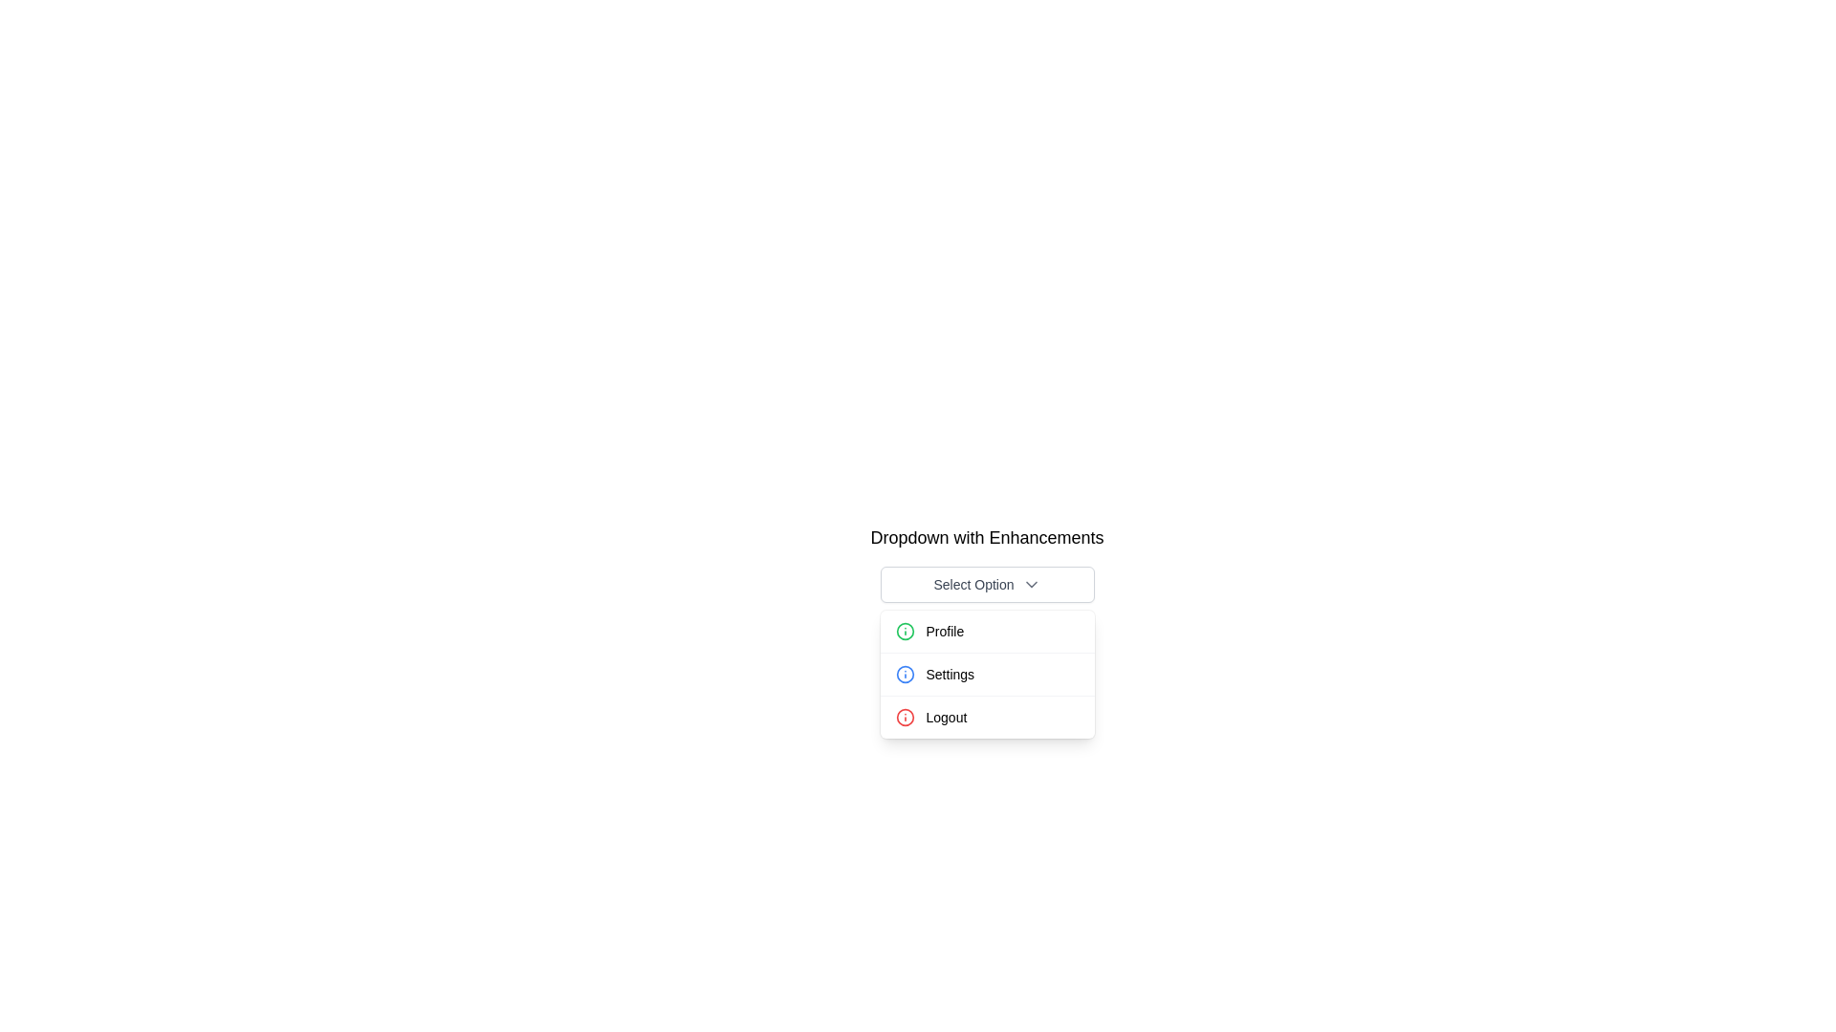  Describe the element at coordinates (904, 673) in the screenshot. I see `the decorative SVG Circle Element that forms part of the icon next to 'Profile' in the dropdown menu options` at that location.